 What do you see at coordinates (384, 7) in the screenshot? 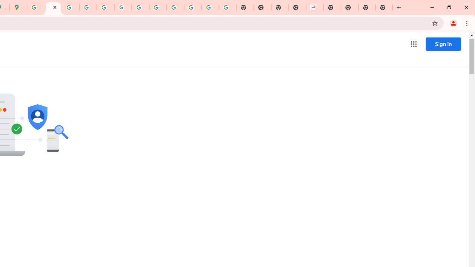
I see `'New Tab'` at bounding box center [384, 7].